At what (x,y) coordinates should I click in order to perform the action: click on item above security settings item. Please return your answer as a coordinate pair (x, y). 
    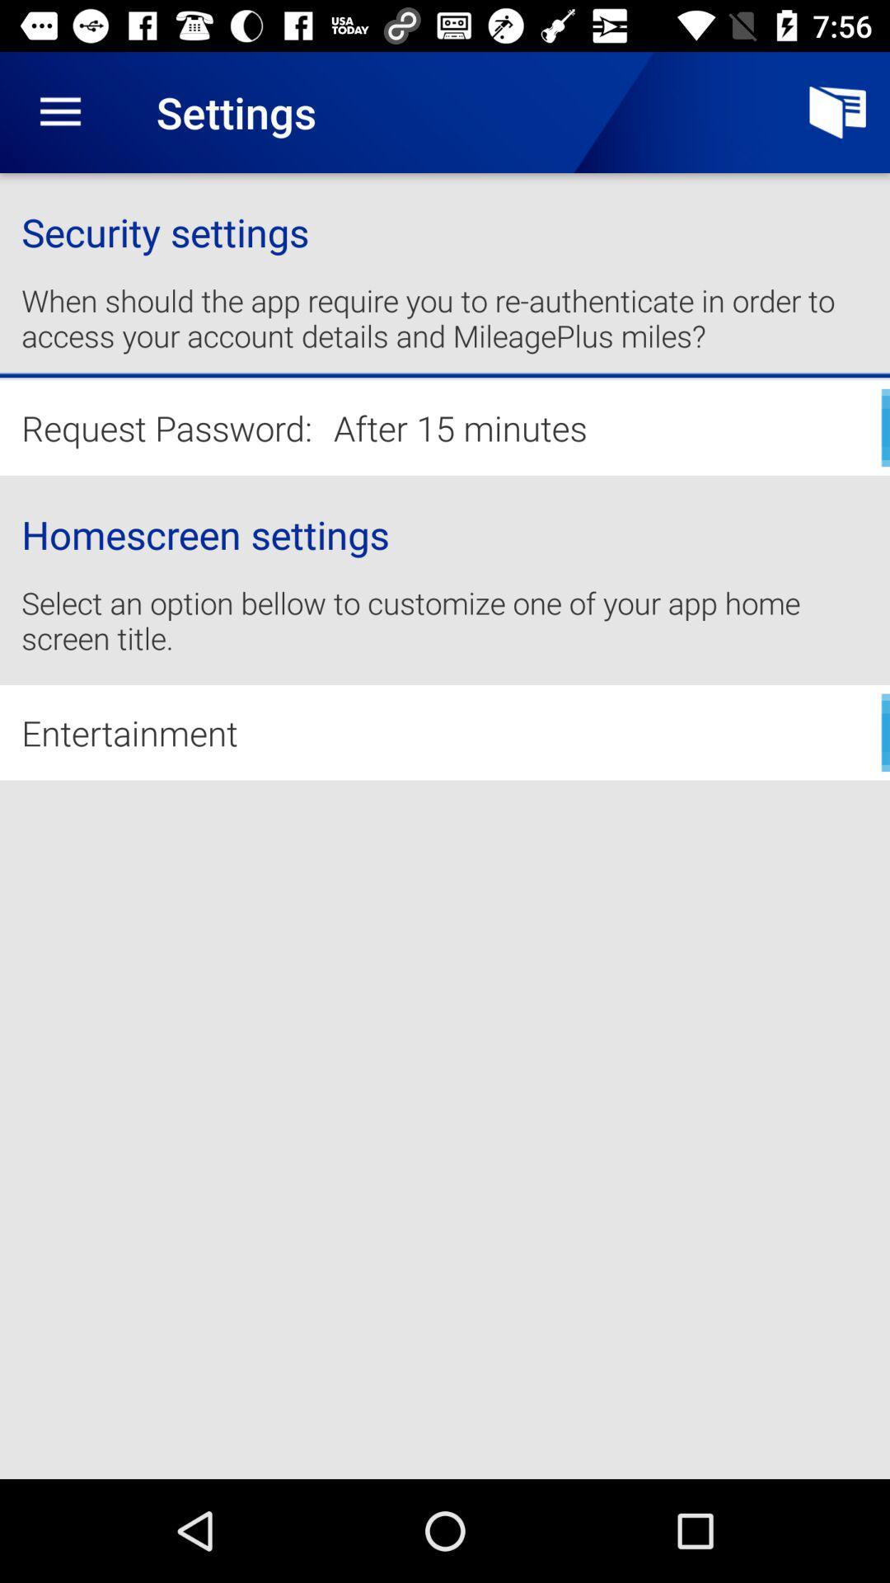
    Looking at the image, I should click on (59, 111).